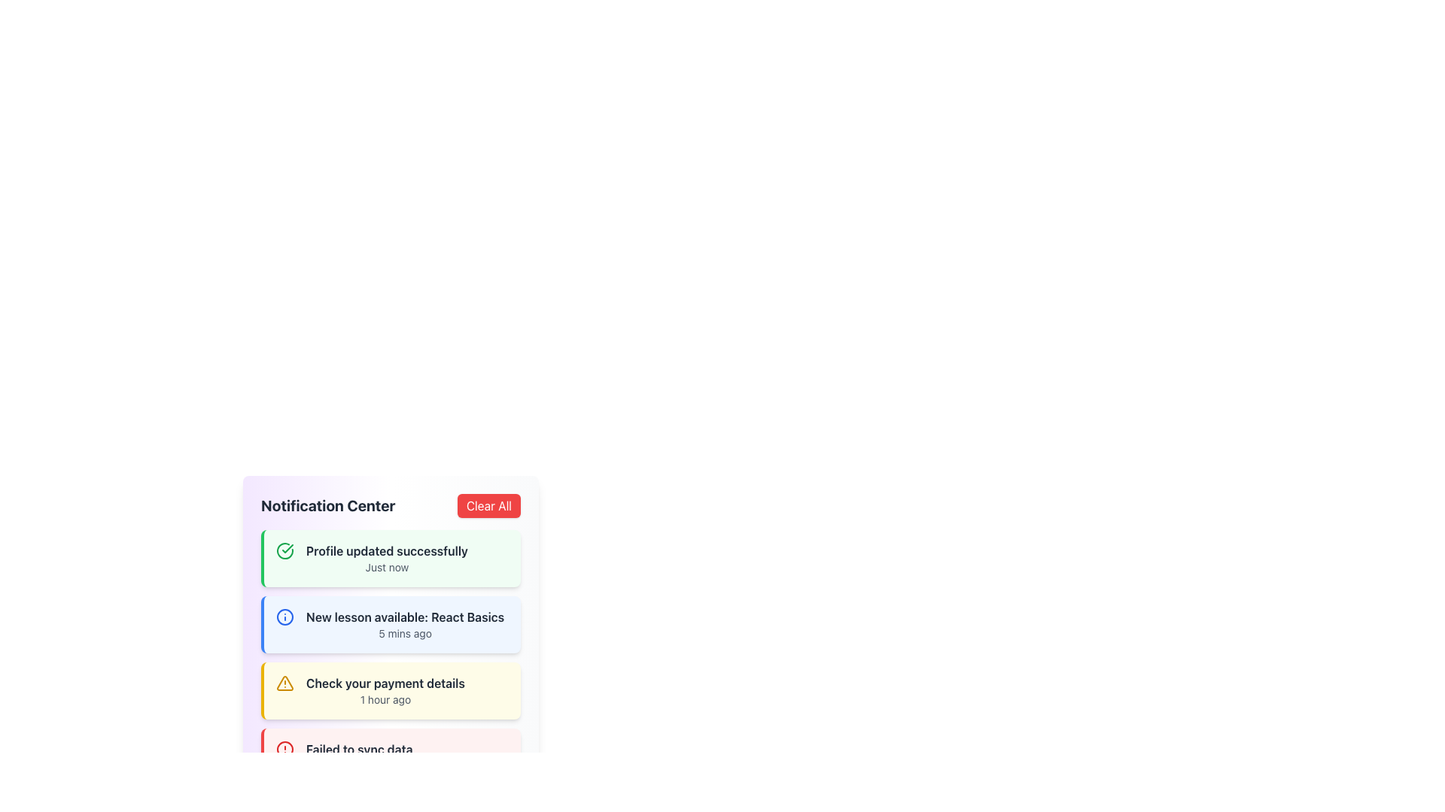 The image size is (1445, 812). What do you see at coordinates (387, 568) in the screenshot?
I see `the text label displaying 'Just now' which is located directly underneath the message 'Profile updated successfully' in the notification center` at bounding box center [387, 568].